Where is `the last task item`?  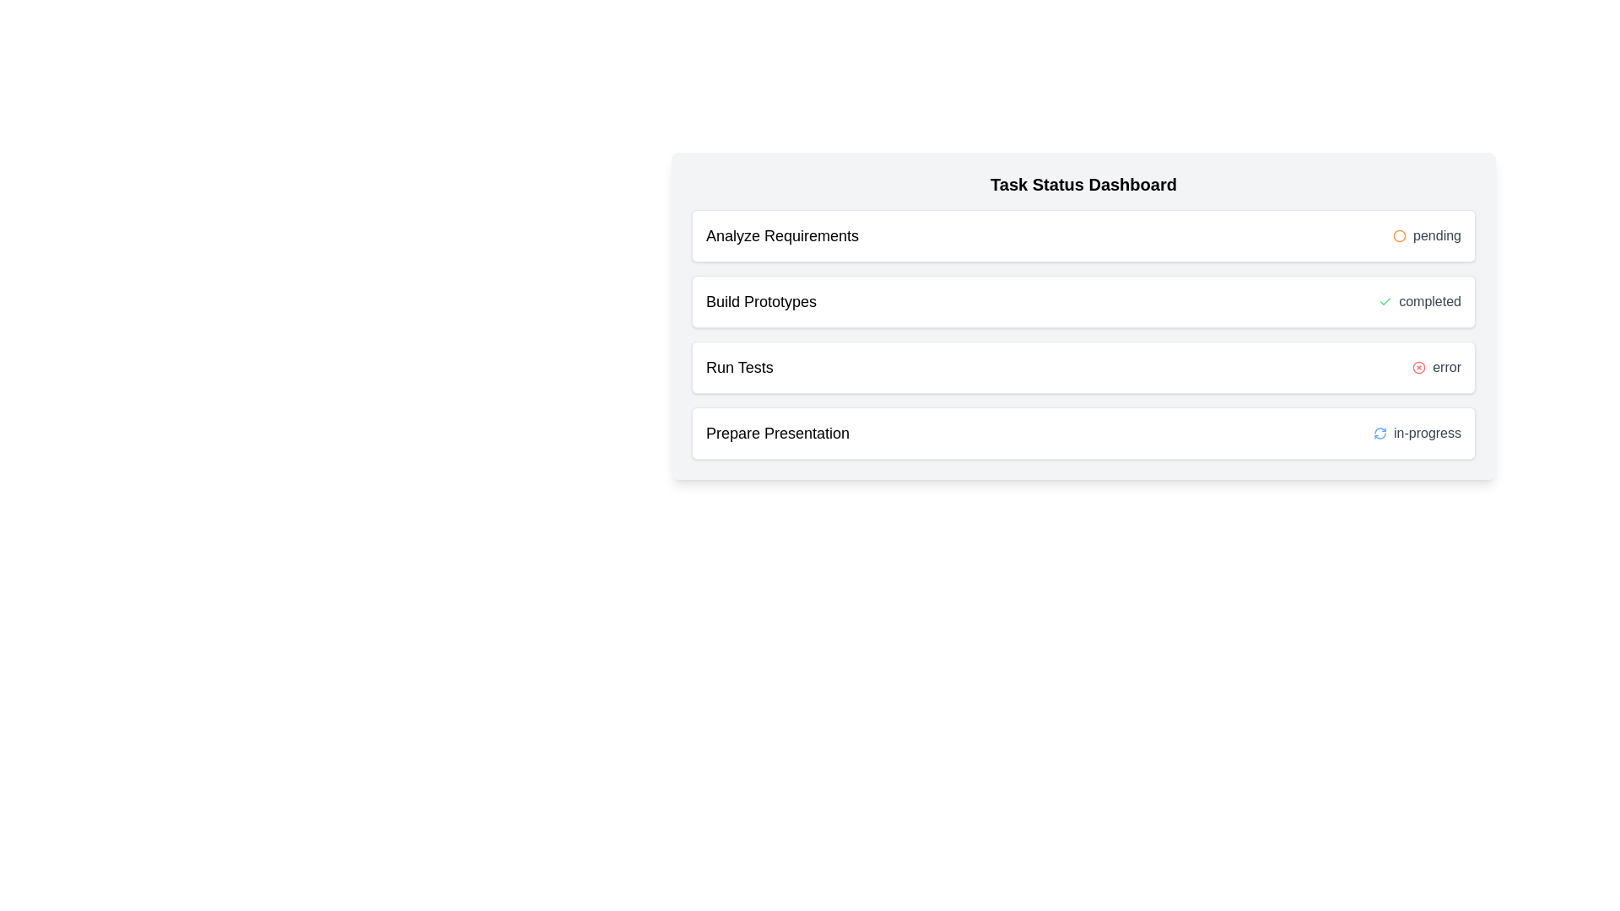 the last task item is located at coordinates (1083, 432).